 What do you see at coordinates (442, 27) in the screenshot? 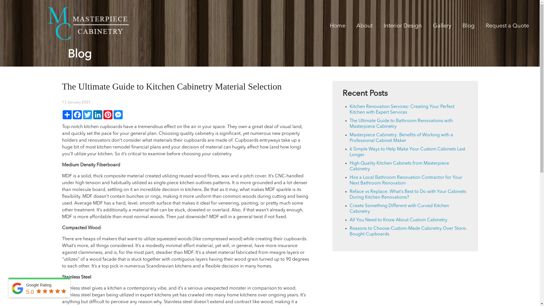
I see `'Gallery'` at bounding box center [442, 27].